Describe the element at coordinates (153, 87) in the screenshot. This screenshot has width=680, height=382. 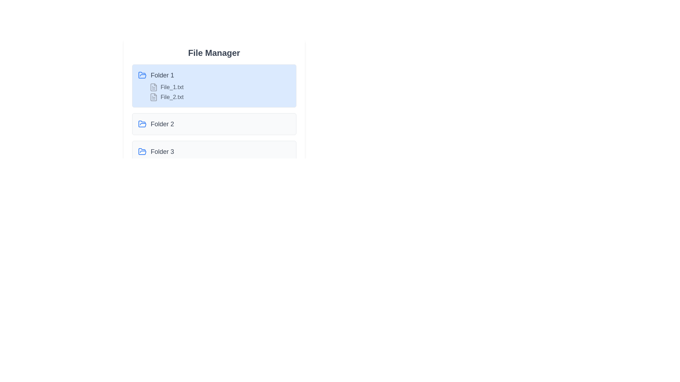
I see `the document file icon, which is light gray with a folded top right corner and located to the left of the label 'File_1.txt' in the 'Folder 1' section` at that location.